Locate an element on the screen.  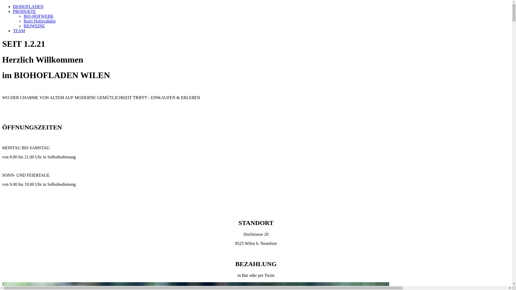
'PRODUKTE' is located at coordinates (24, 11).